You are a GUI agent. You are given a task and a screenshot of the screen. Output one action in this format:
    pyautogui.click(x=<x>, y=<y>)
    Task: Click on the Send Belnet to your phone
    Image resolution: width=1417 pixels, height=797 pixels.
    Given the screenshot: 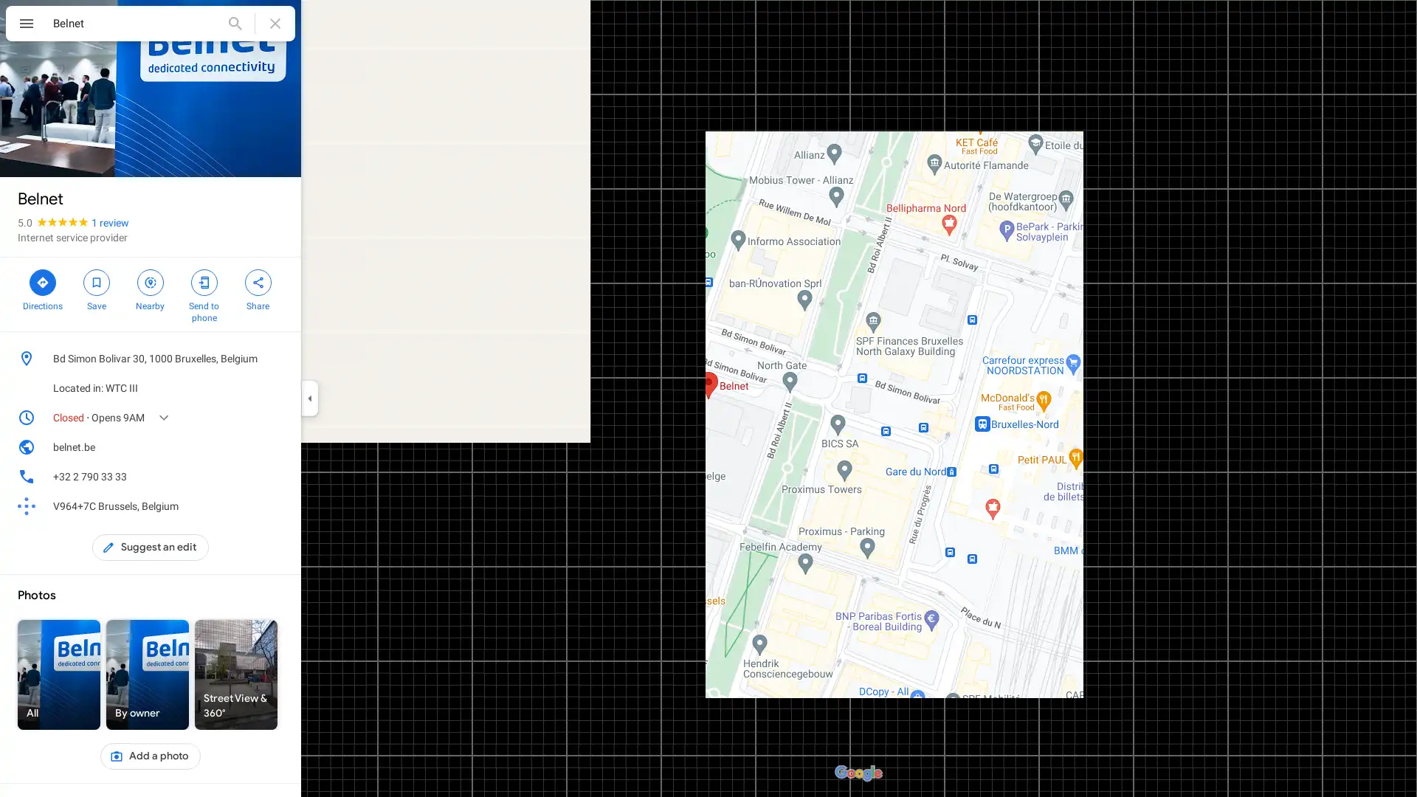 What is the action you would take?
    pyautogui.click(x=203, y=294)
    